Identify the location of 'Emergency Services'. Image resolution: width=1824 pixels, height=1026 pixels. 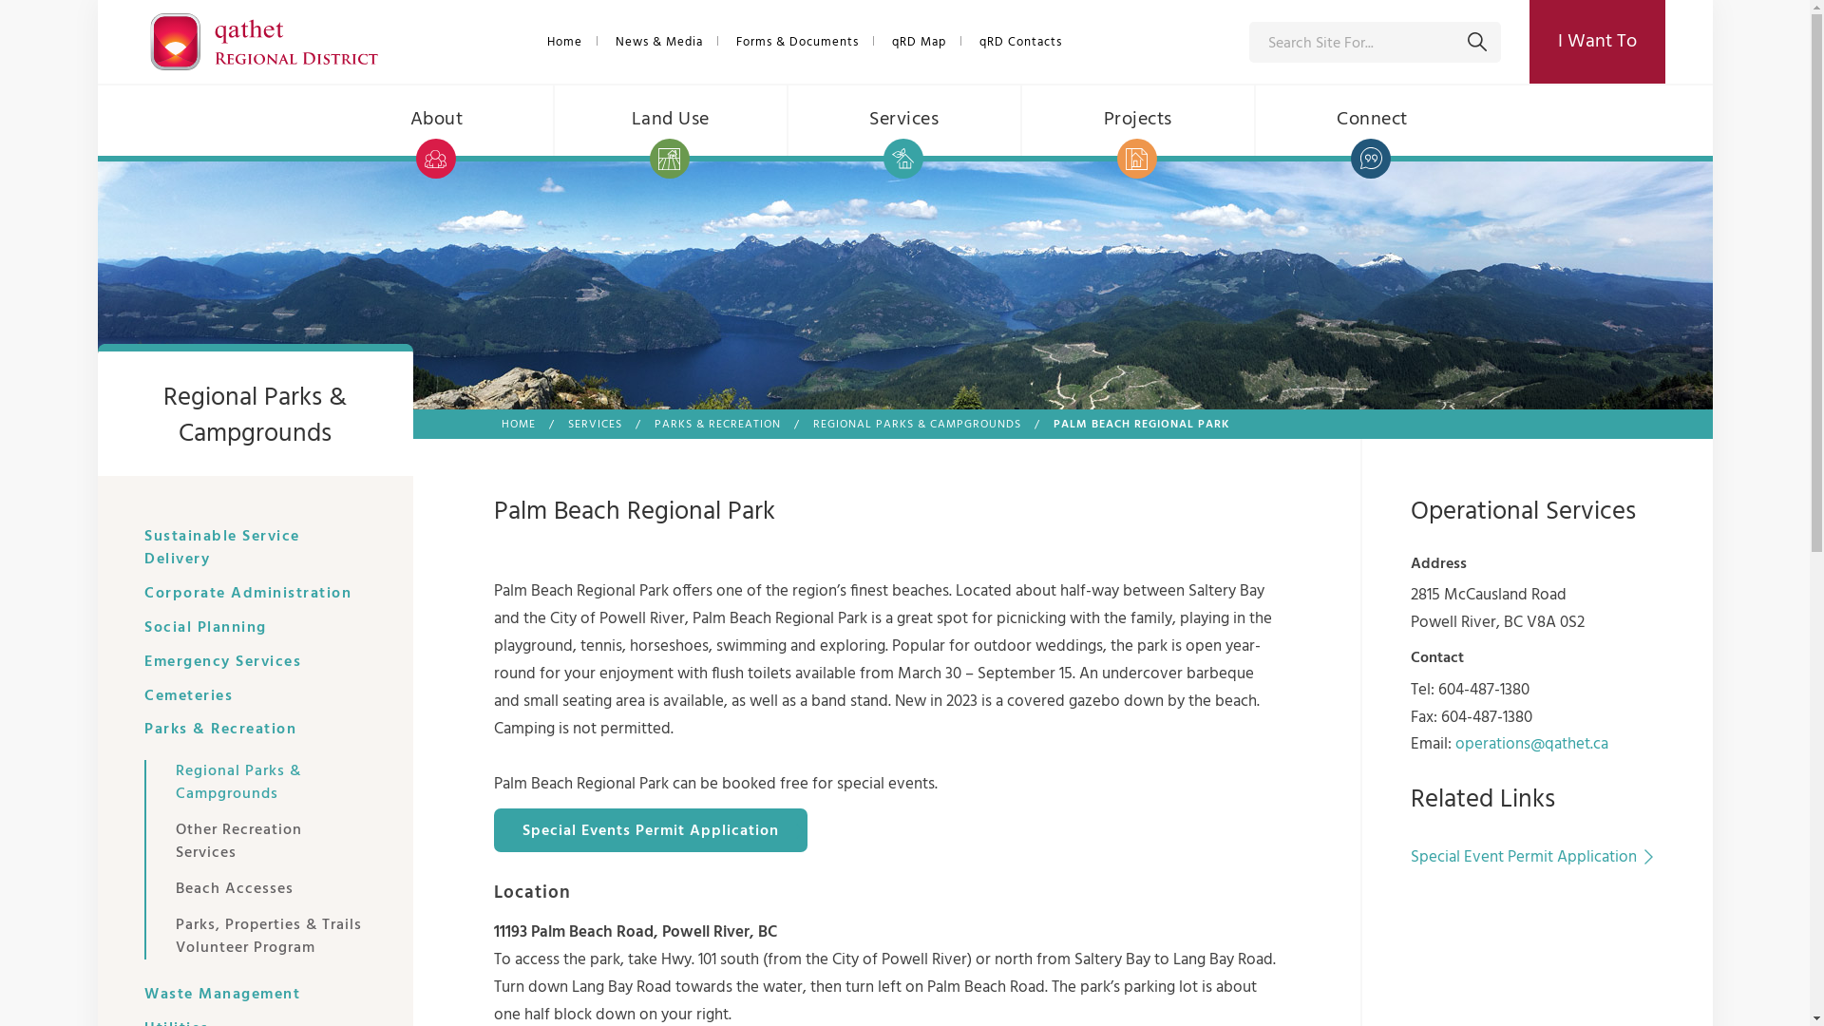
(143, 661).